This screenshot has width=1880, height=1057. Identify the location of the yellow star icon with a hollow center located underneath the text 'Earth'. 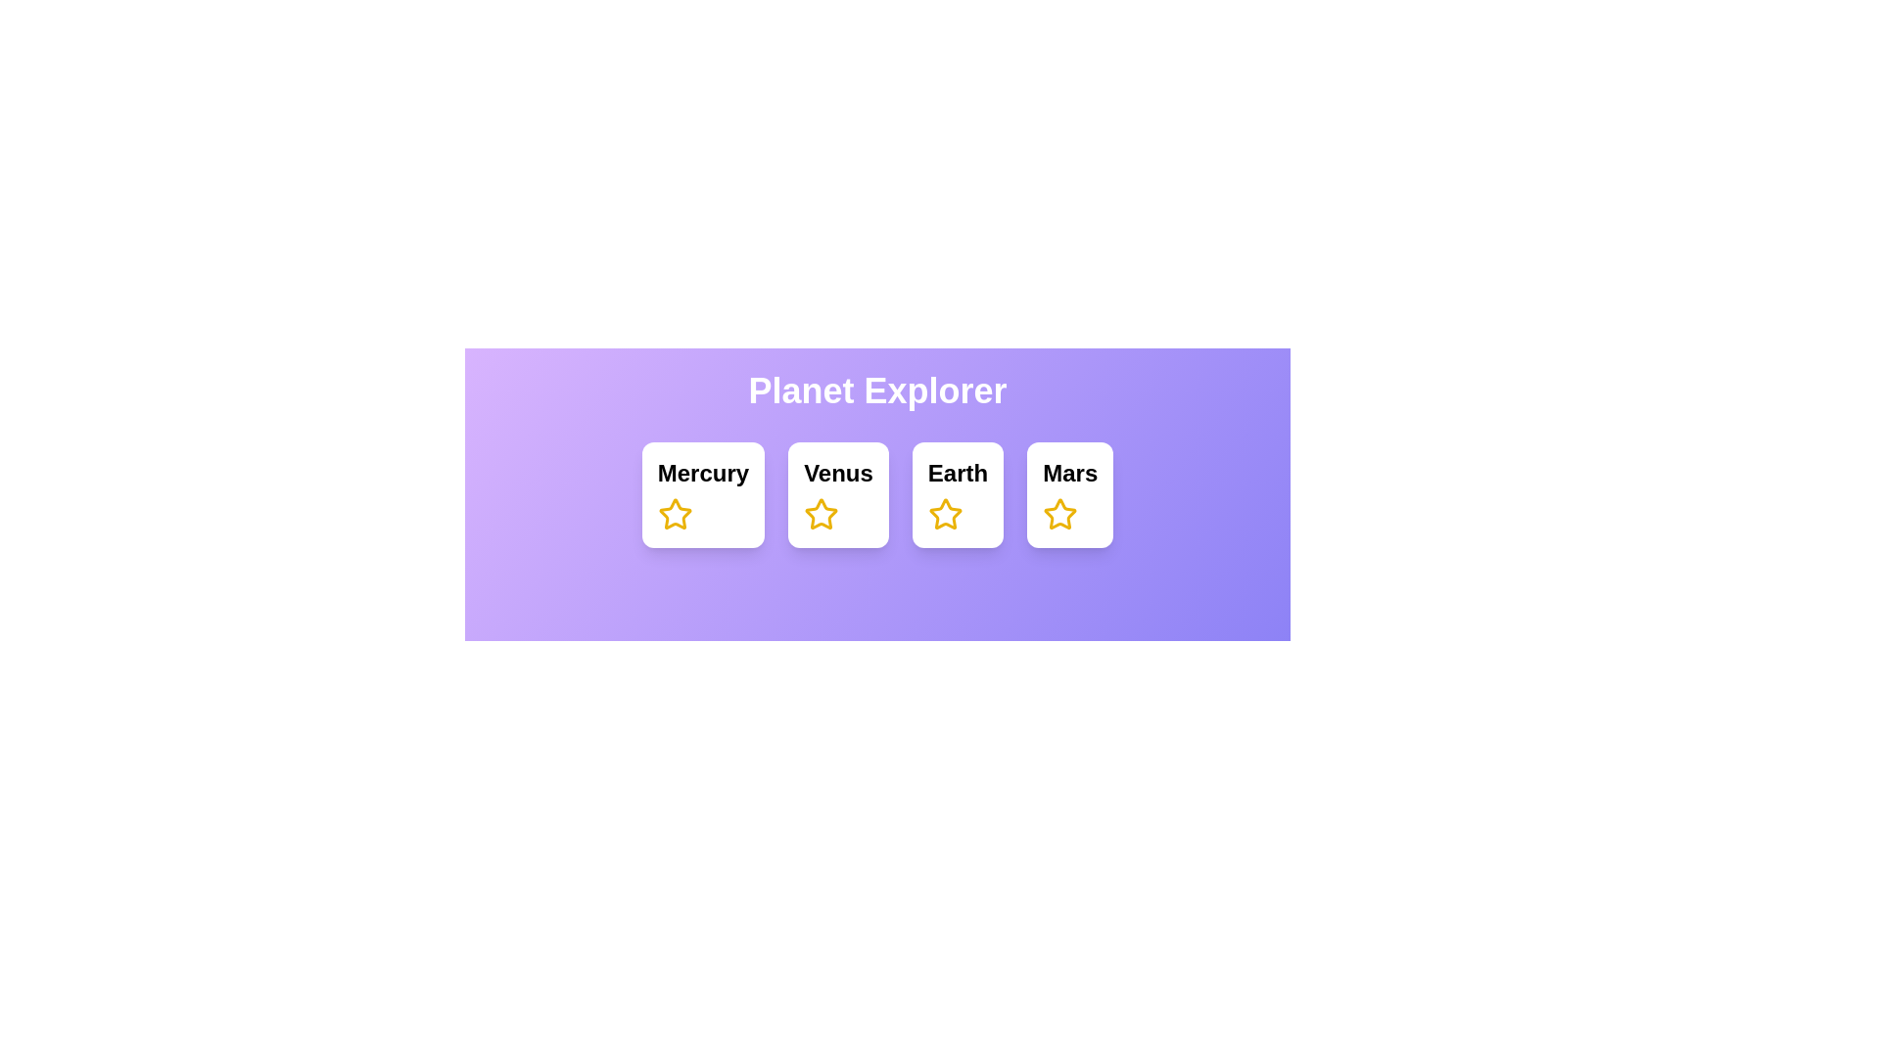
(945, 513).